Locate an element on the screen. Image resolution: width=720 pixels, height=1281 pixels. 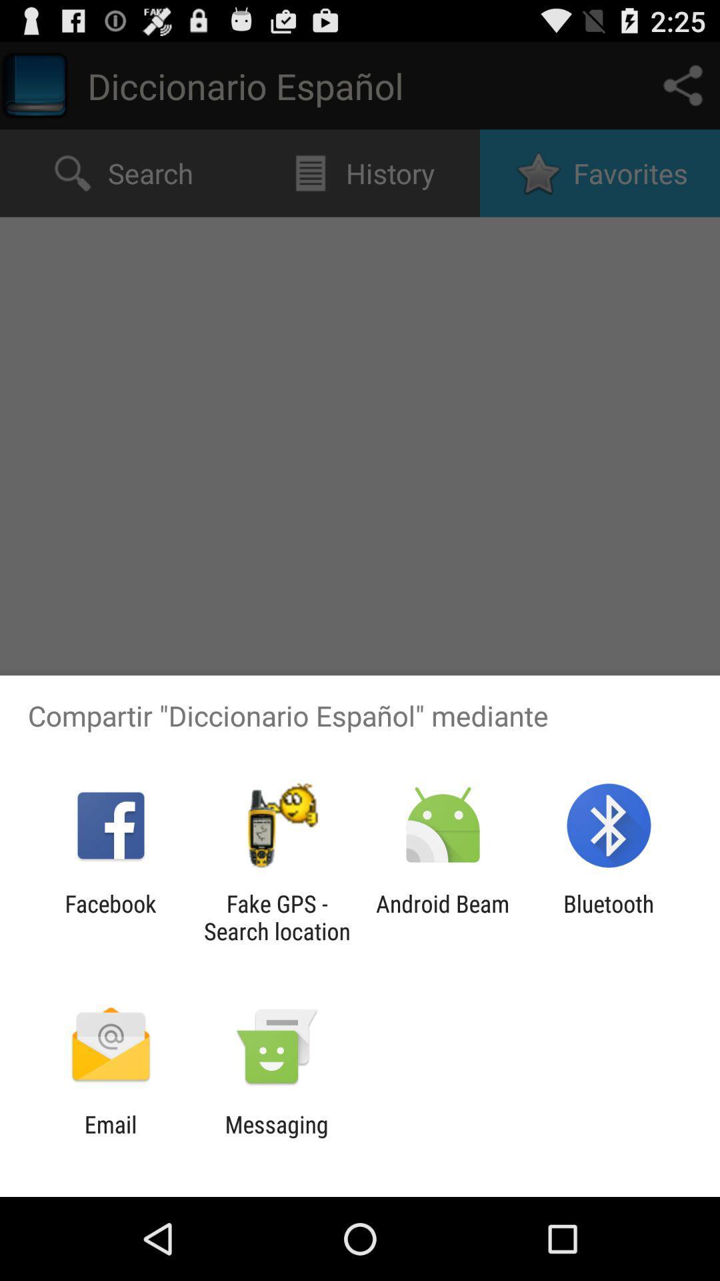
the icon next to the android beam item is located at coordinates (609, 917).